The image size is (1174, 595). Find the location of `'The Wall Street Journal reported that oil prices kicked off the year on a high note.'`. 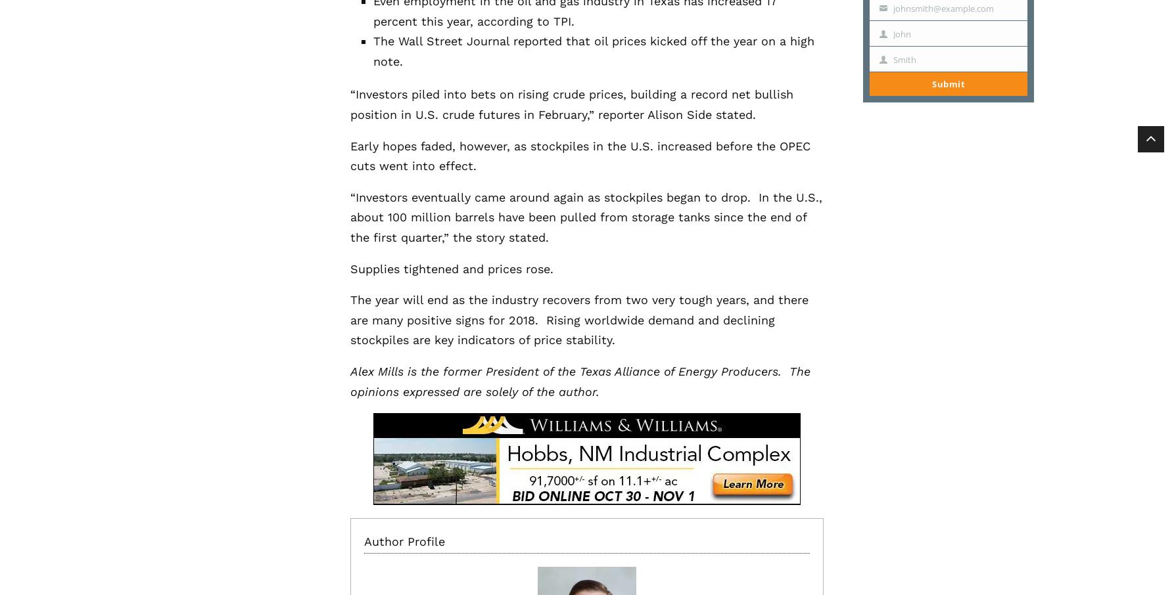

'The Wall Street Journal reported that oil prices kicked off the year on a high note.' is located at coordinates (593, 51).